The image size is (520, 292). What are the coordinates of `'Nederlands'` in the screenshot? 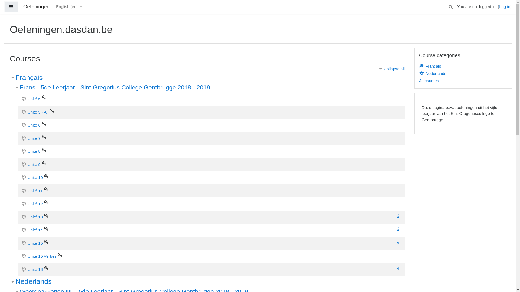 It's located at (33, 281).